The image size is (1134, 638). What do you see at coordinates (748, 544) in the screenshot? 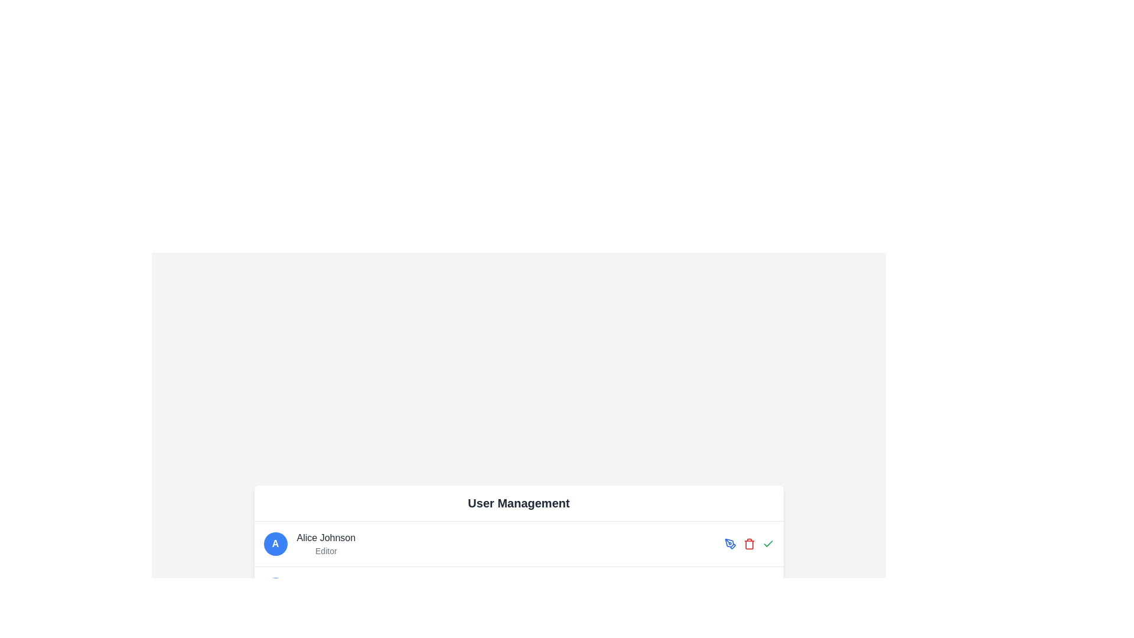
I see `the Action Icon Button located in the action buttons section of the user entry for 'Alice Johnson'` at bounding box center [748, 544].